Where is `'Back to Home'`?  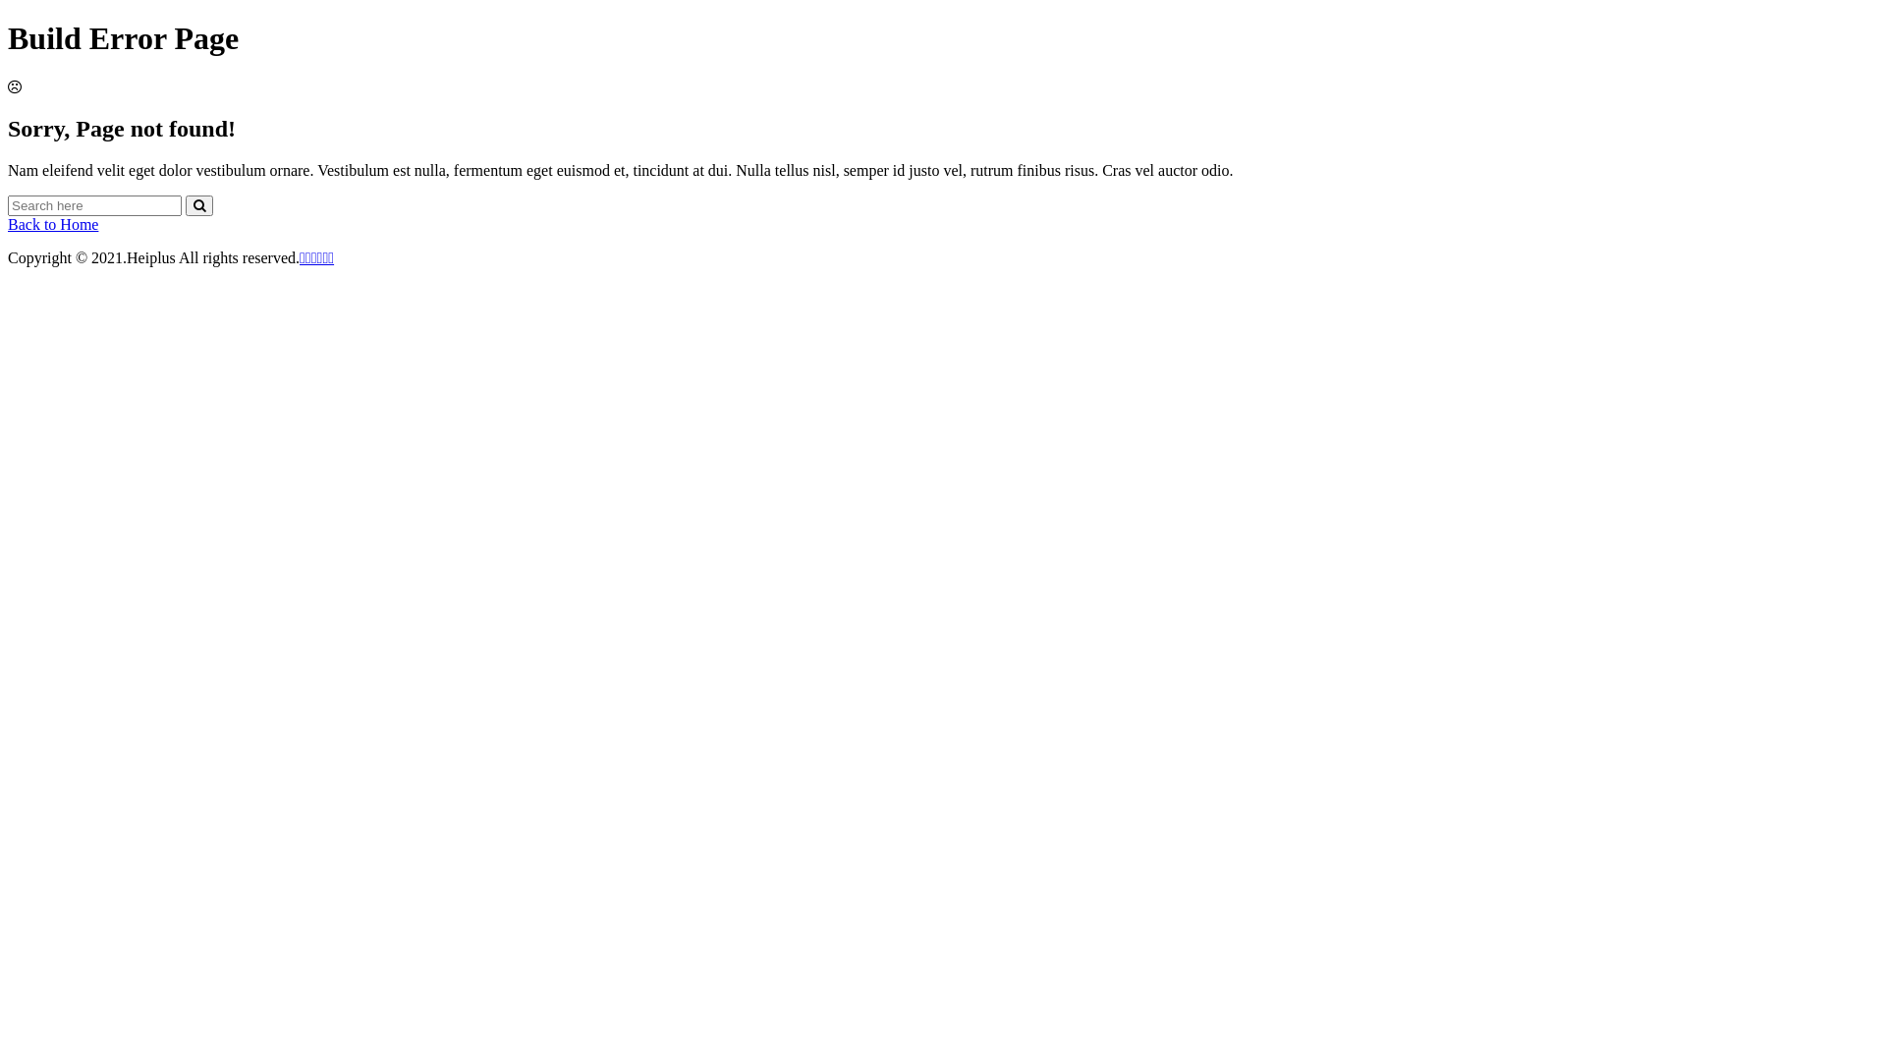 'Back to Home' is located at coordinates (8, 223).